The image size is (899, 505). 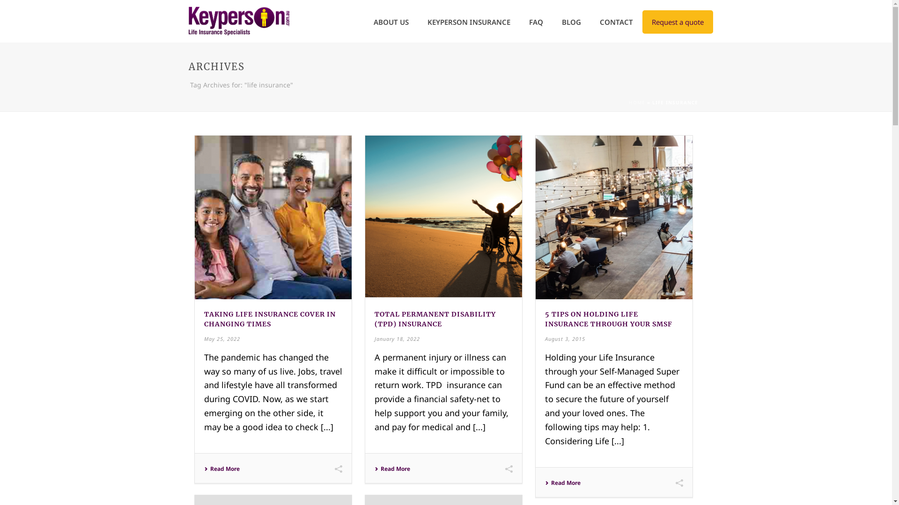 What do you see at coordinates (536, 21) in the screenshot?
I see `'FAQ'` at bounding box center [536, 21].